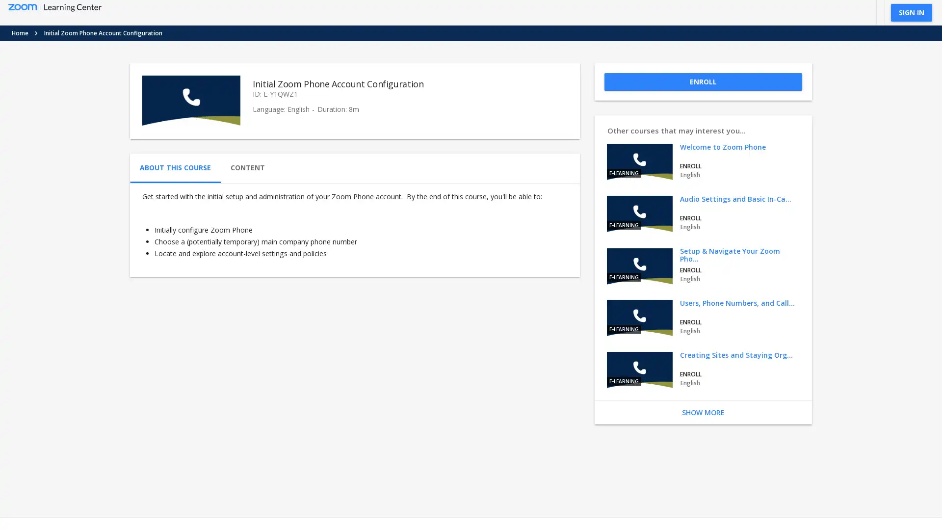  Describe the element at coordinates (702, 81) in the screenshot. I see `Enroll` at that location.